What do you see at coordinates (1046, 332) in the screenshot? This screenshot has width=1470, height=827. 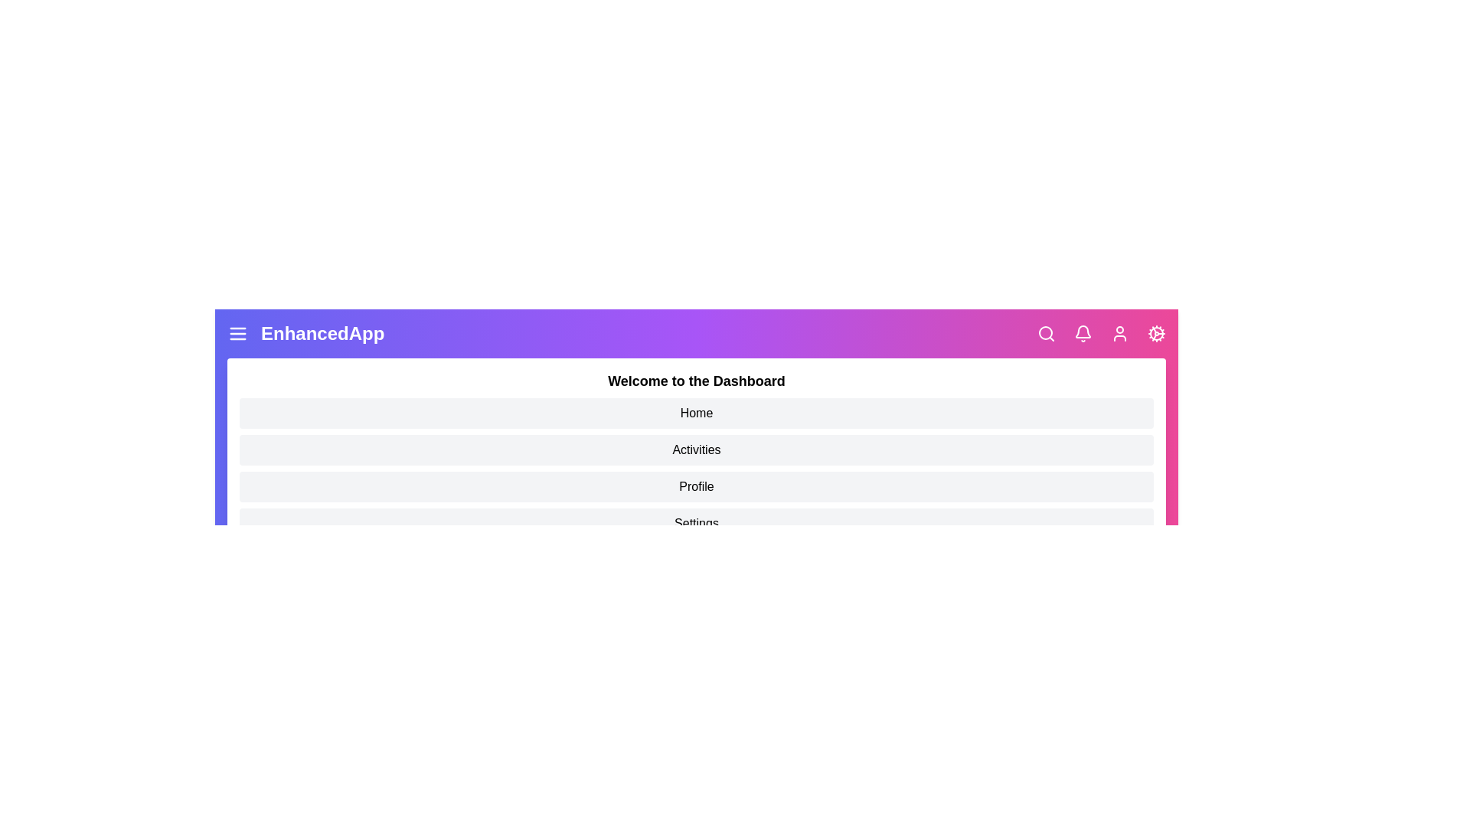 I see `the search icon to activate the search functionality` at bounding box center [1046, 332].